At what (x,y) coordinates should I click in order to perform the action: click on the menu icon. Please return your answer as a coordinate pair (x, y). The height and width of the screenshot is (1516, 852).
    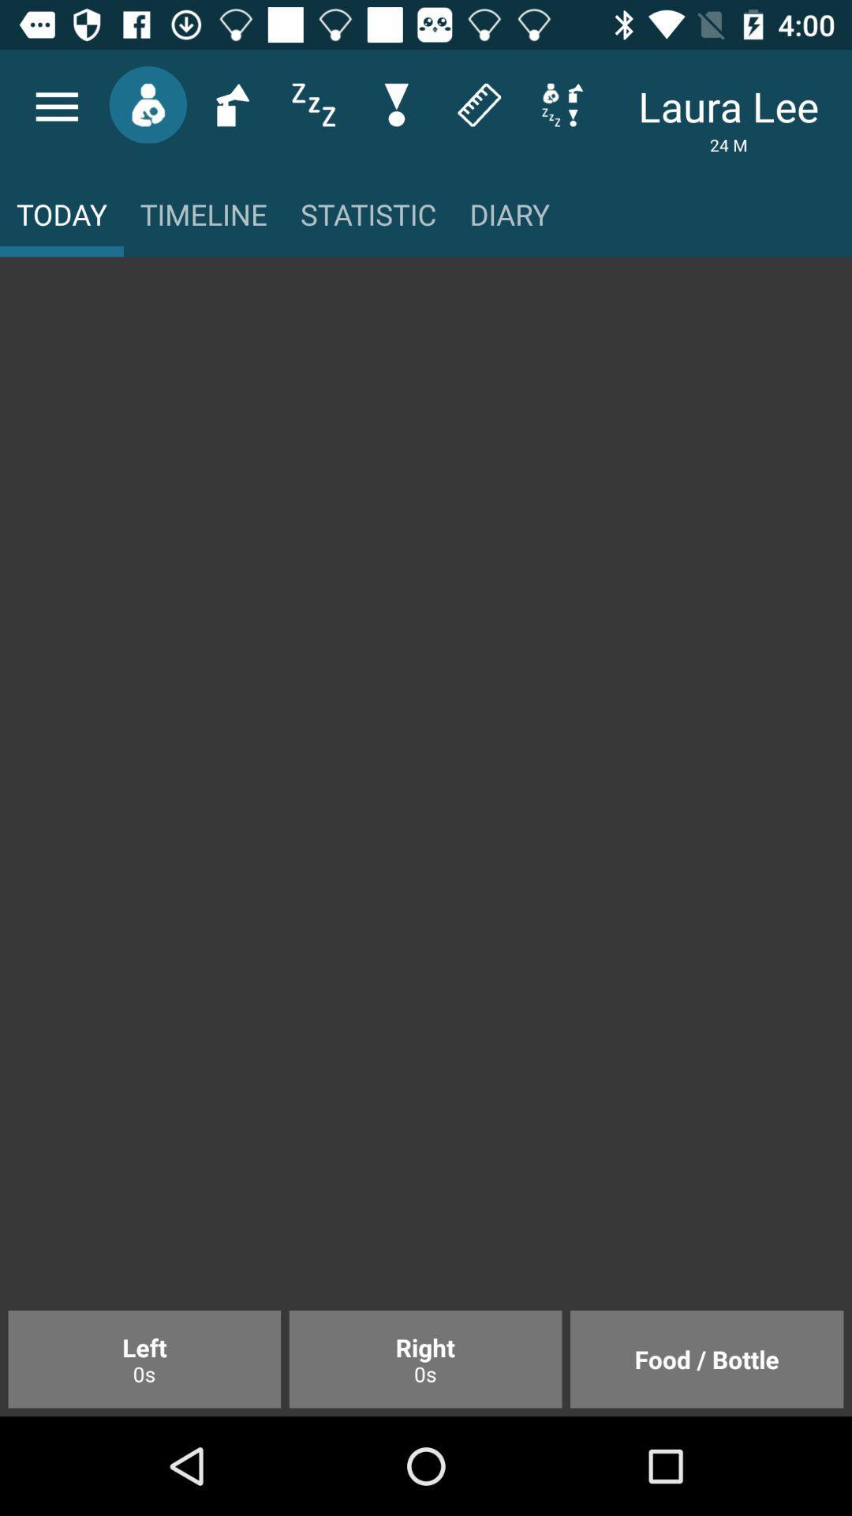
    Looking at the image, I should click on (56, 106).